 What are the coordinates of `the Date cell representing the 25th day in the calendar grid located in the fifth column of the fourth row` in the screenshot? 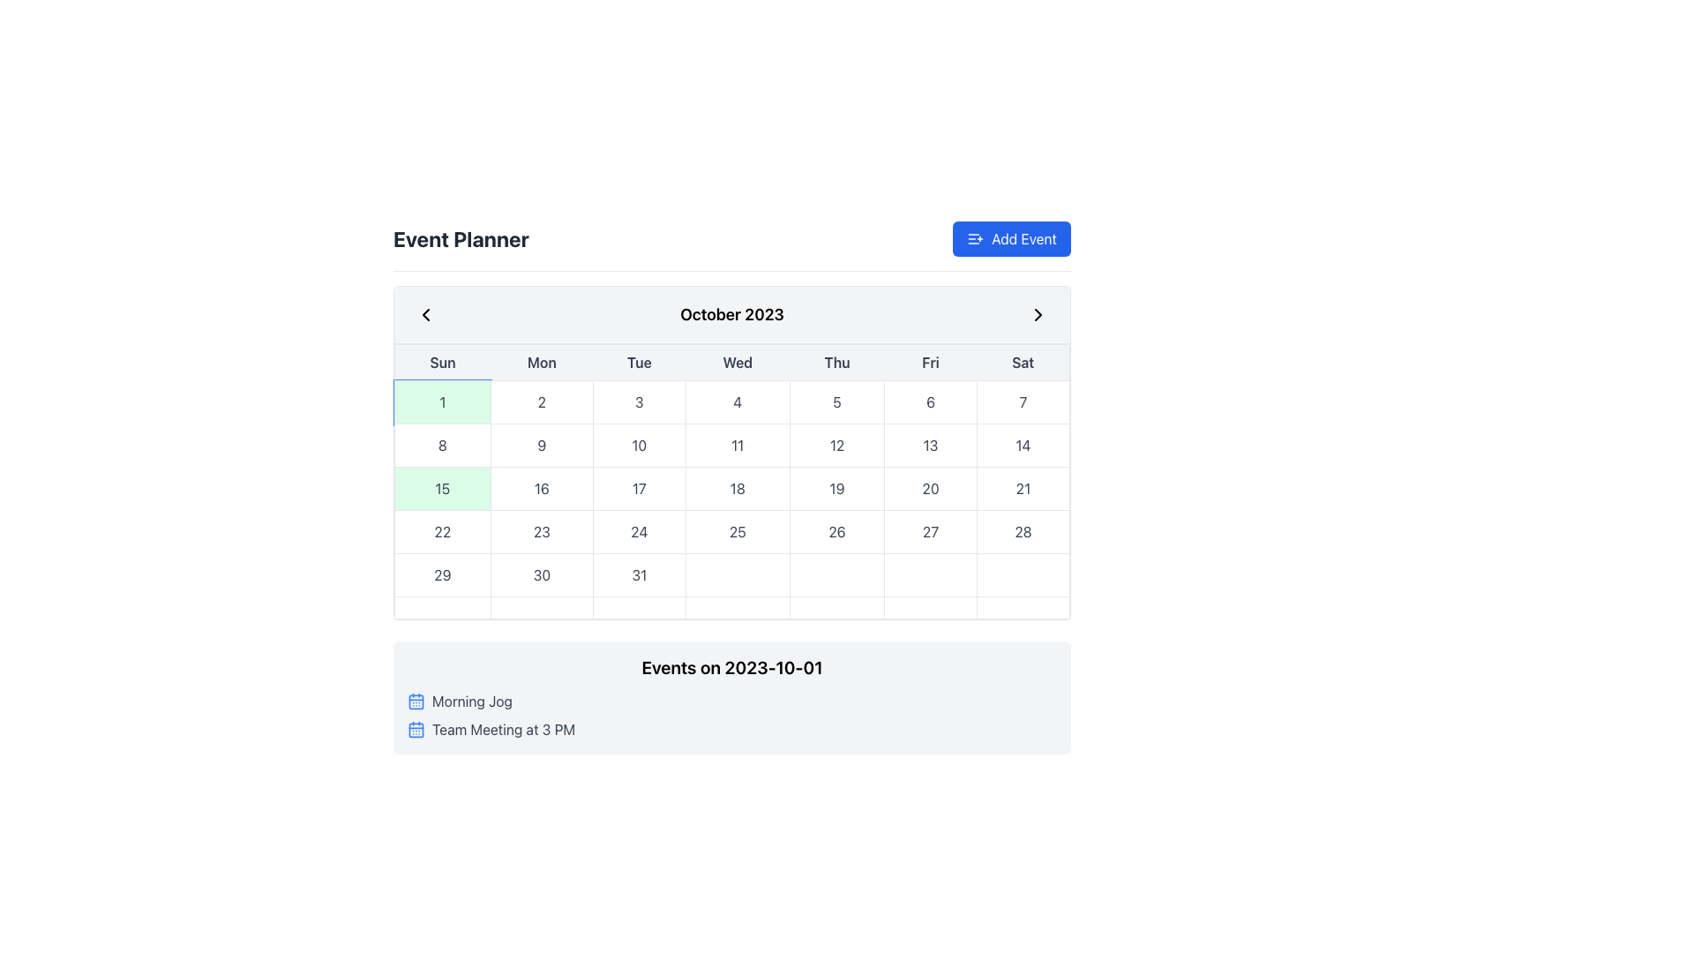 It's located at (732, 530).